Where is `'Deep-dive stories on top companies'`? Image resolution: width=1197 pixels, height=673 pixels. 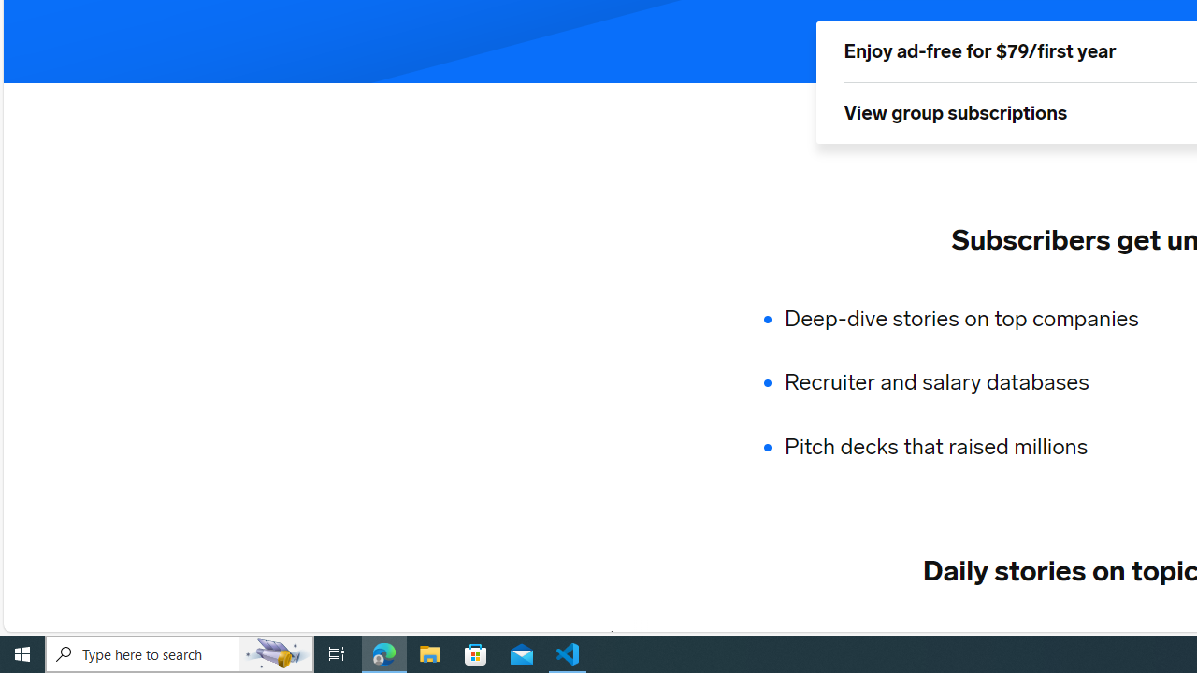 'Deep-dive stories on top companies' is located at coordinates (973, 317).